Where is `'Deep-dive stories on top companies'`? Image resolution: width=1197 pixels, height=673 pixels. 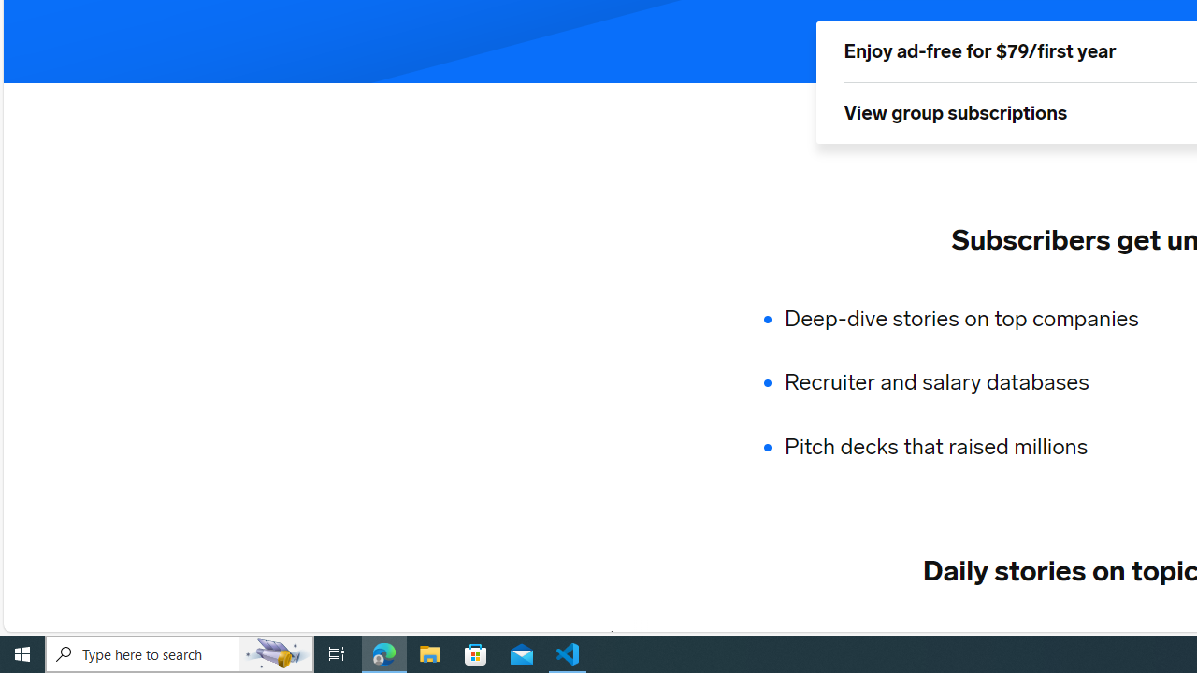 'Deep-dive stories on top companies' is located at coordinates (973, 317).